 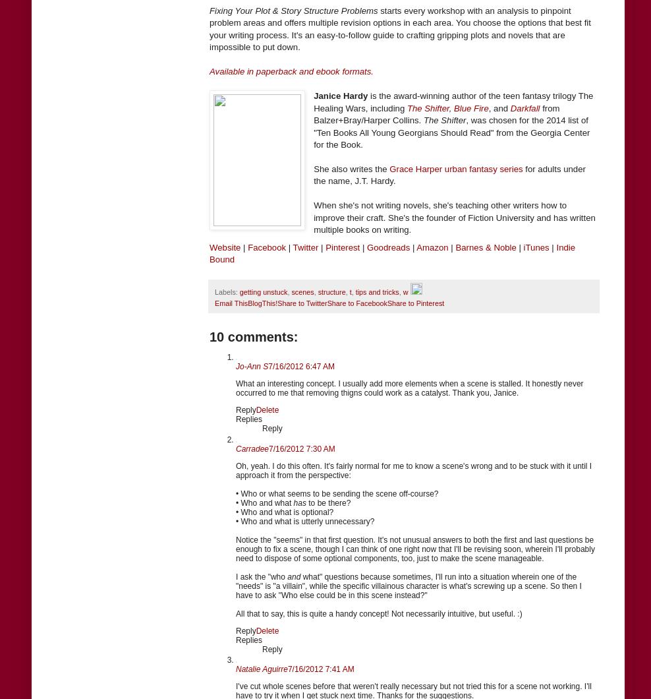 I want to click on 'w', so click(x=405, y=291).